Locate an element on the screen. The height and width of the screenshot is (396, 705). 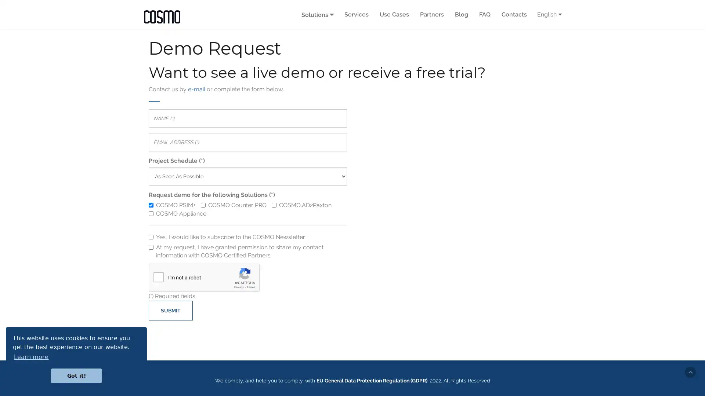
SUBMIT is located at coordinates (170, 311).